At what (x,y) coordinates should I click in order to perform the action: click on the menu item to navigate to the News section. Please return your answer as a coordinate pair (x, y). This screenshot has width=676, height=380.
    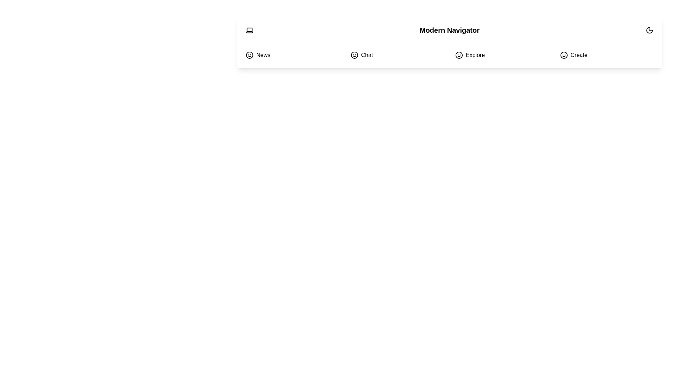
    Looking at the image, I should click on (292, 55).